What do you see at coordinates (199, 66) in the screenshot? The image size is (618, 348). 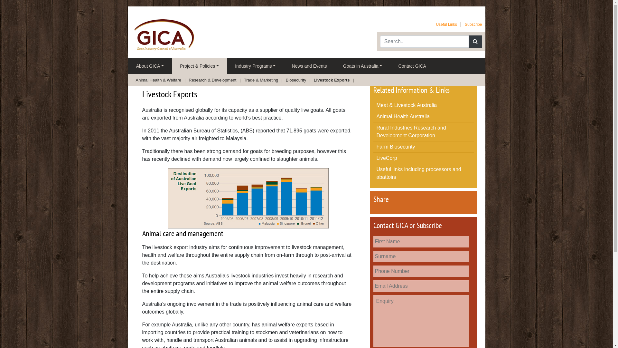 I see `'Project & Policies'` at bounding box center [199, 66].